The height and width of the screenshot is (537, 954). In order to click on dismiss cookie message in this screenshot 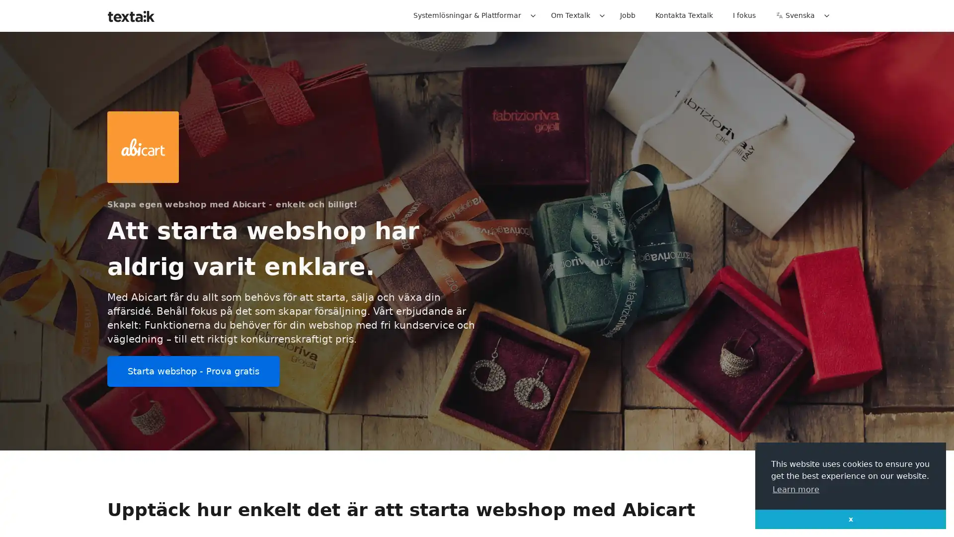, I will do `click(850, 519)`.